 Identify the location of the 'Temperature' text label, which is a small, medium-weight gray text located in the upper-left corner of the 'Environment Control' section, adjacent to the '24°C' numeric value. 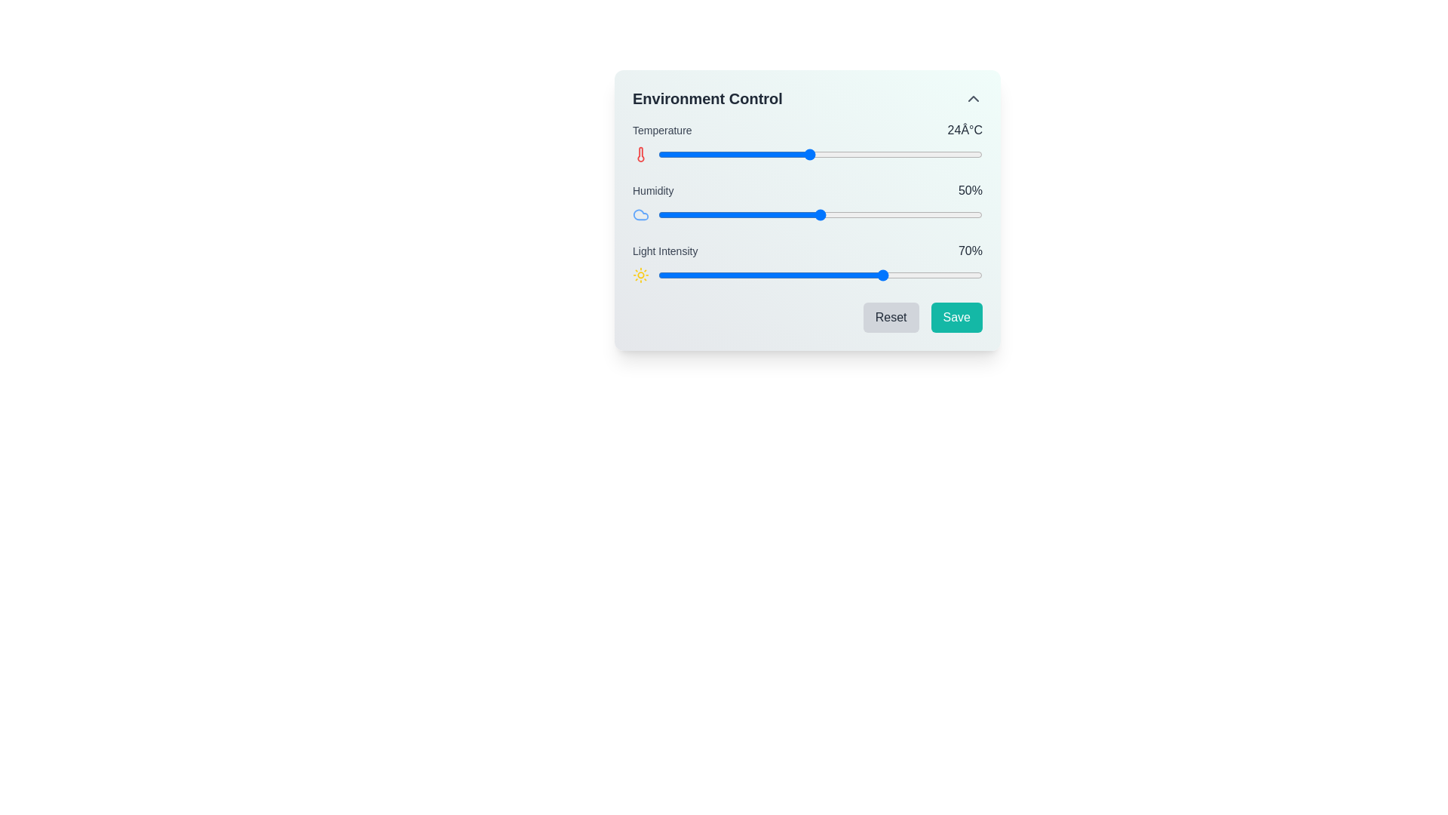
(662, 130).